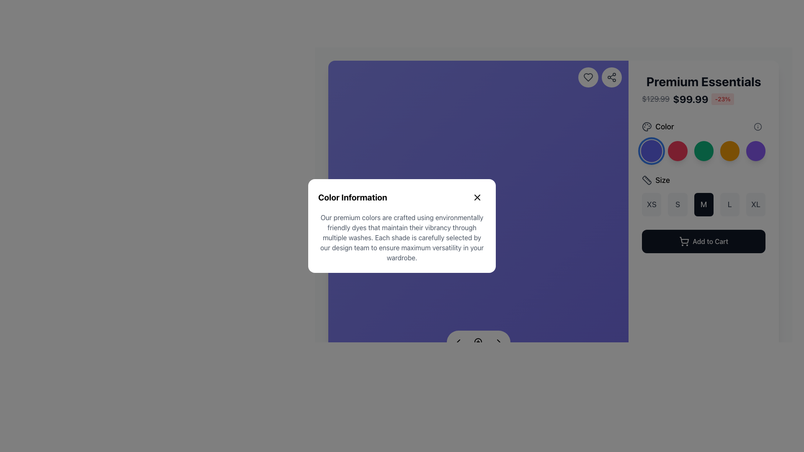 Image resolution: width=804 pixels, height=452 pixels. I want to click on the first navigational button located at the bottom-center of the application's interface, so click(458, 342).